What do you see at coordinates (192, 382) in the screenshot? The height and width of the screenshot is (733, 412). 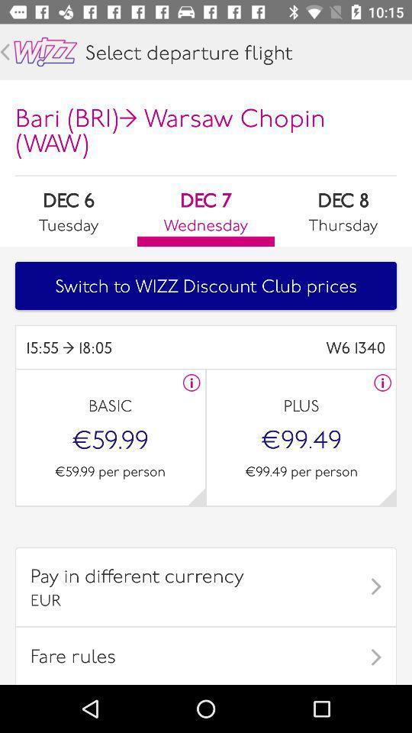 I see `click for more details` at bounding box center [192, 382].